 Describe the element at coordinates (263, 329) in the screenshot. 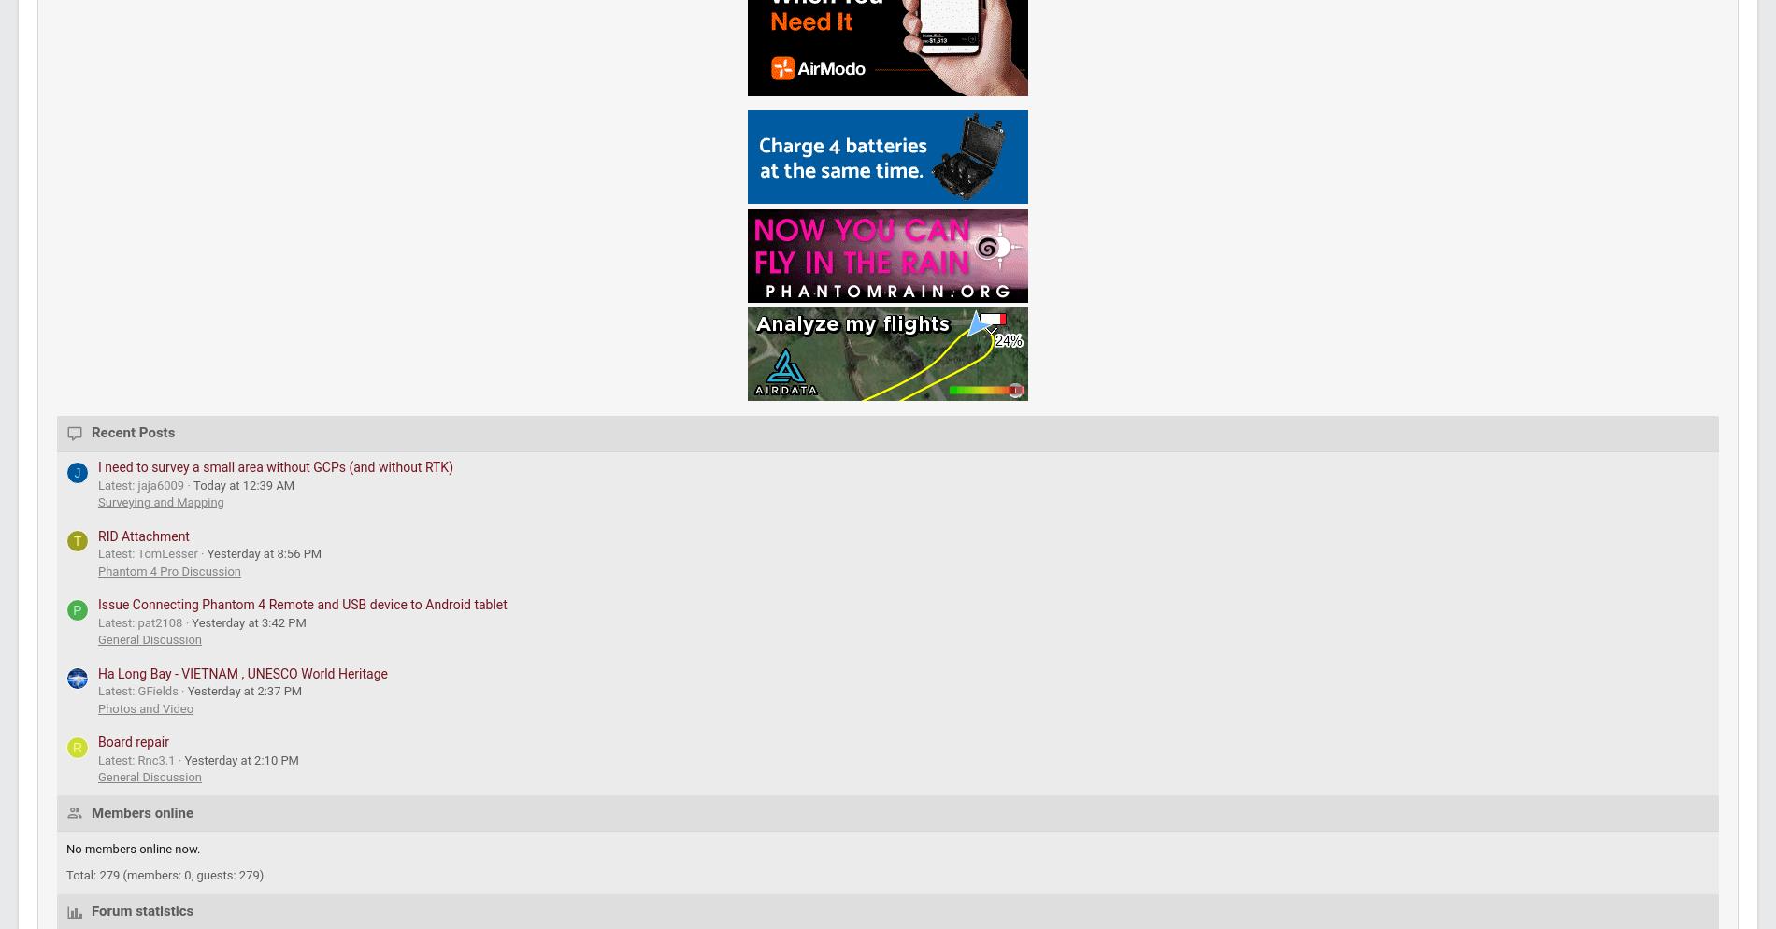

I see `'Photos and Video'` at that location.